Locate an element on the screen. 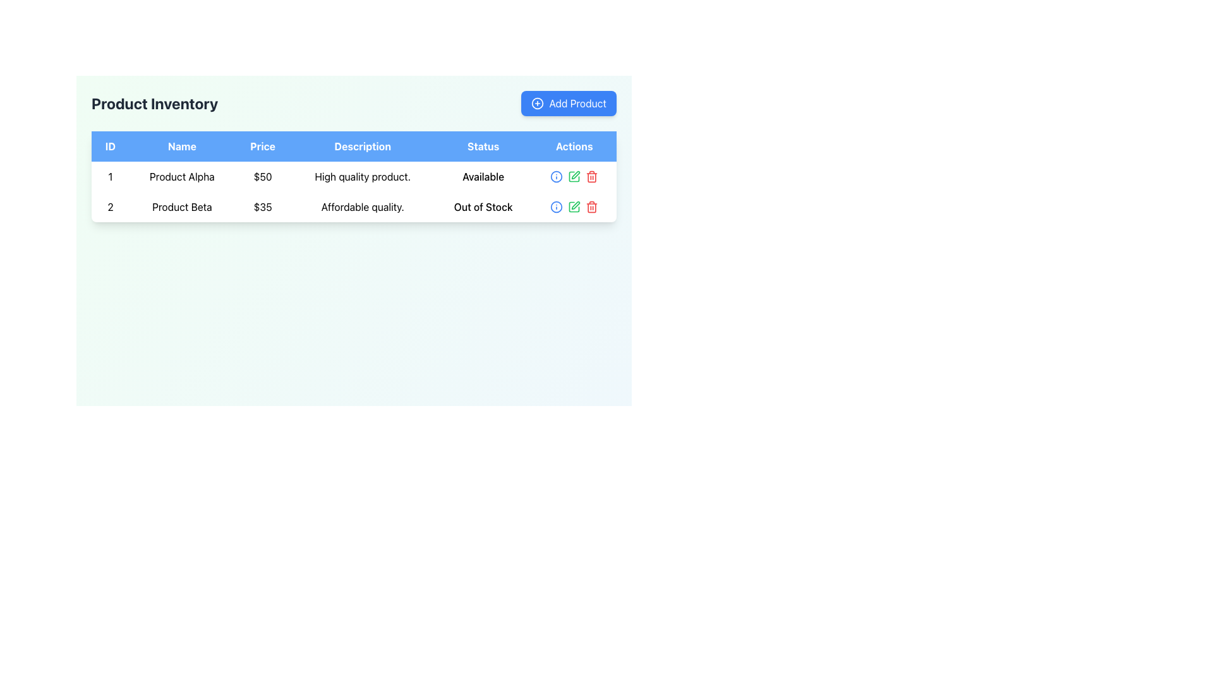 The width and height of the screenshot is (1213, 682). the text label displaying 'Actions' in white color within a blue rectangular background, located in the header row of a table as the last column after 'Status' is located at coordinates (574, 145).